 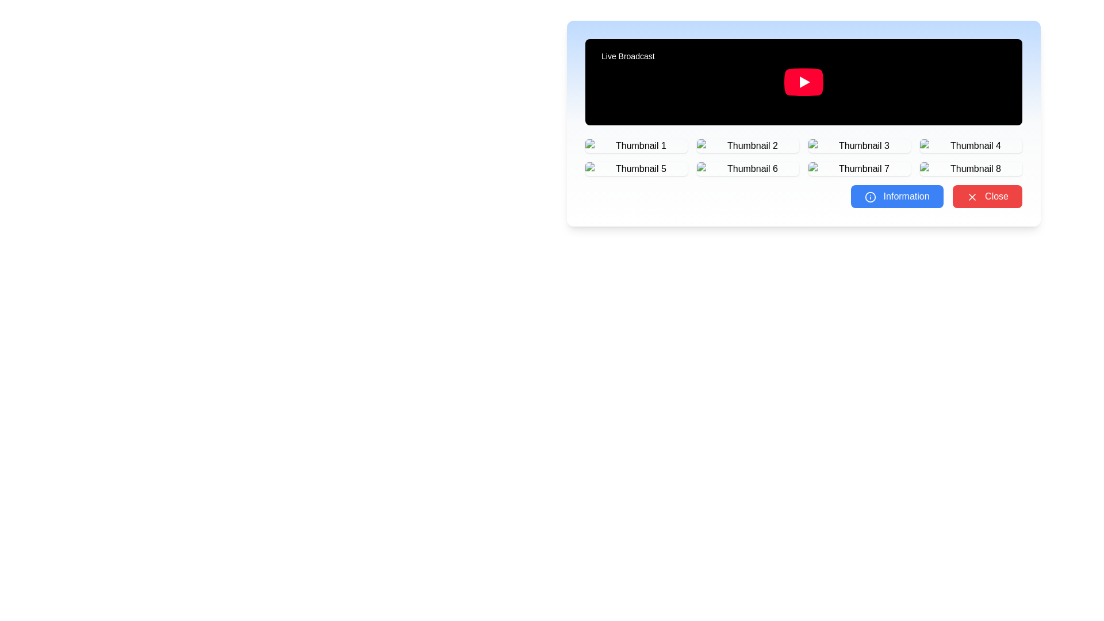 What do you see at coordinates (971, 145) in the screenshot?
I see `the fourth thumbnail button in the grid layout` at bounding box center [971, 145].